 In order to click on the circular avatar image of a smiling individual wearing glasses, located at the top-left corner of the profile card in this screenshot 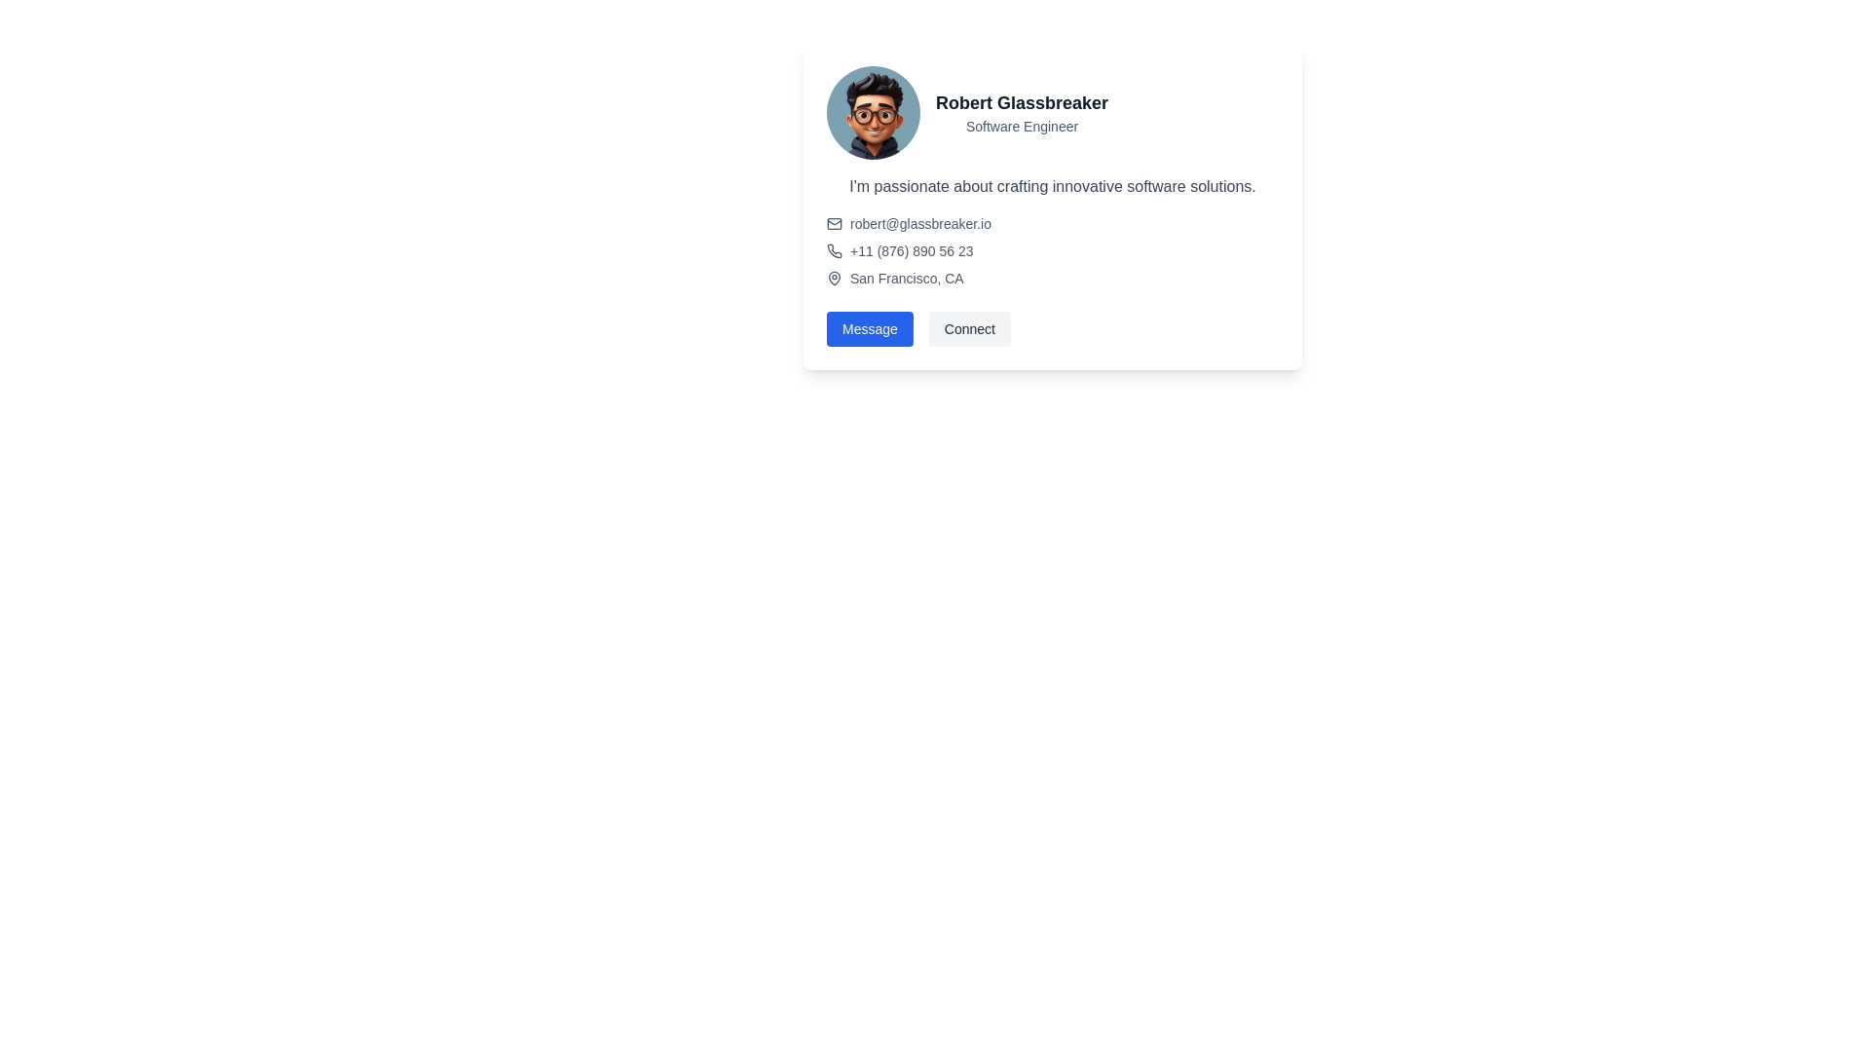, I will do `click(873, 112)`.